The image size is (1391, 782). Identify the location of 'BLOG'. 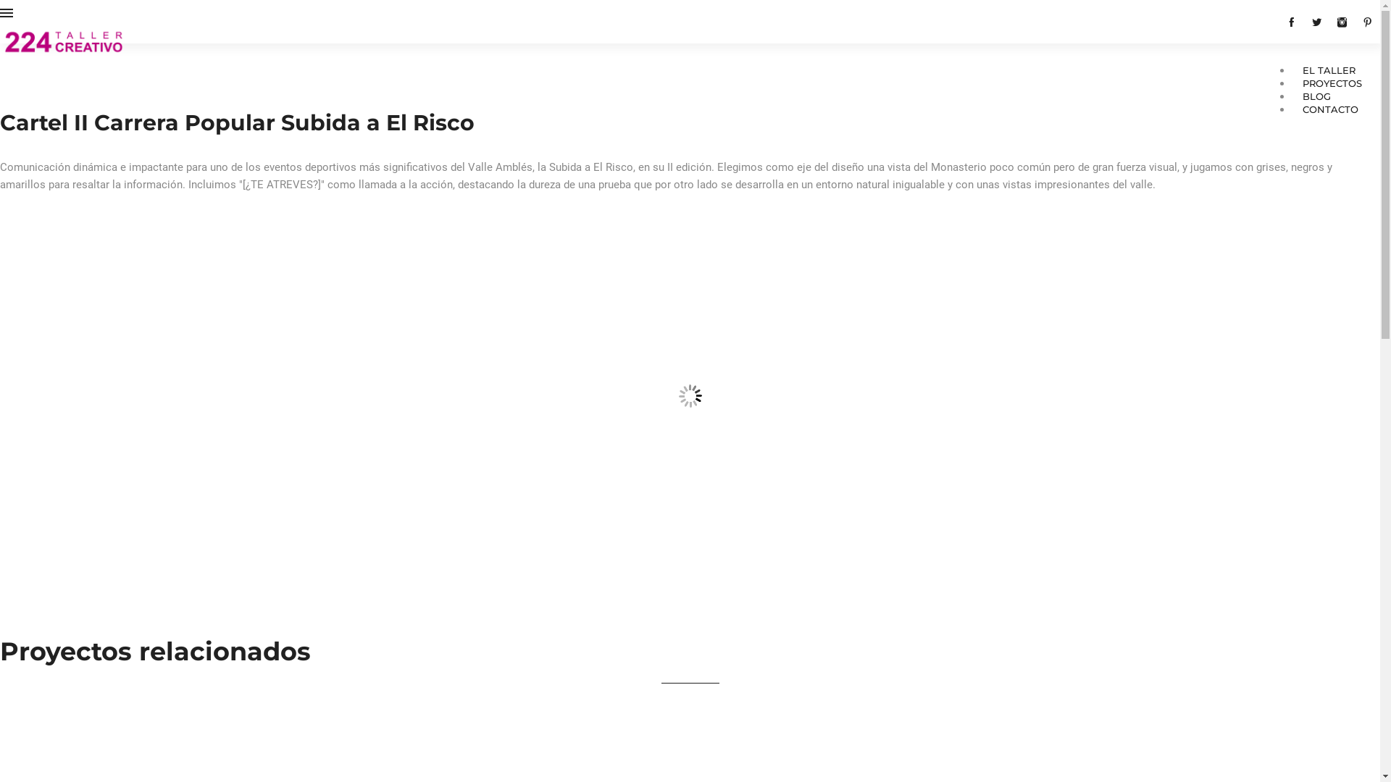
(1291, 96).